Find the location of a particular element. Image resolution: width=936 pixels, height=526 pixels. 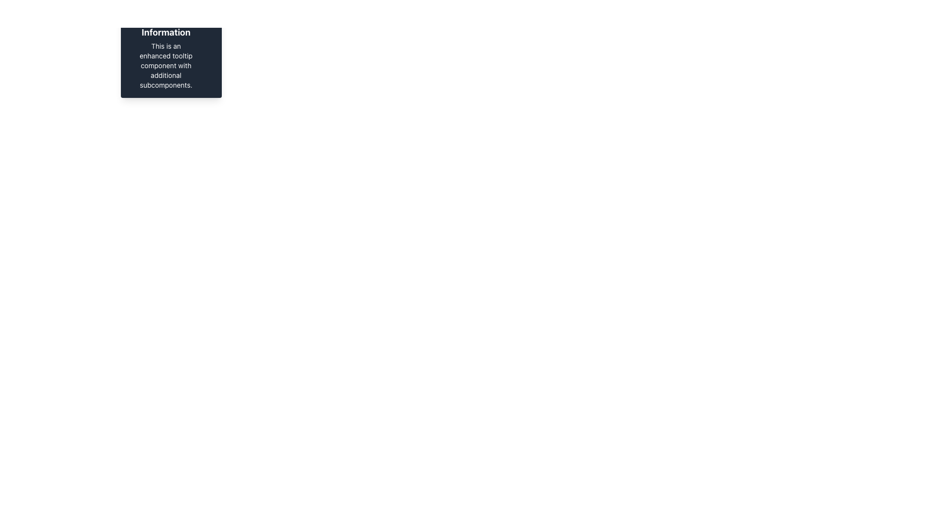

the circular vector graphic located in the top-right corner of the information tooltip box, which is styled with thin lines and part of an SVG element is located at coordinates (209, 17).